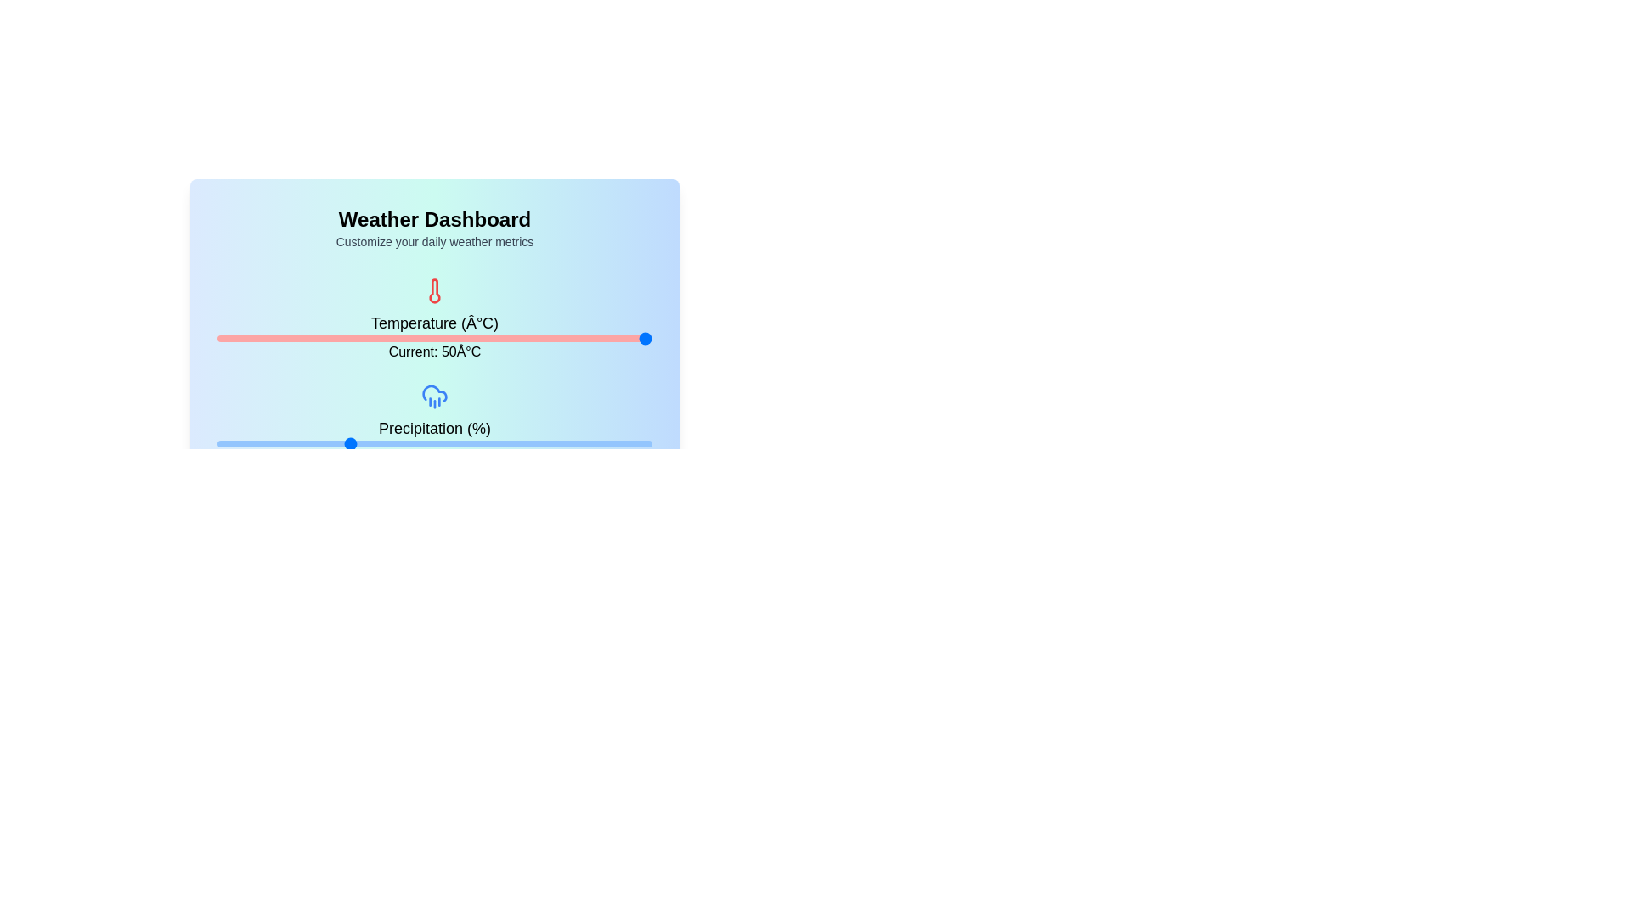 This screenshot has width=1631, height=917. Describe the element at coordinates (330, 443) in the screenshot. I see `precipitation` at that location.